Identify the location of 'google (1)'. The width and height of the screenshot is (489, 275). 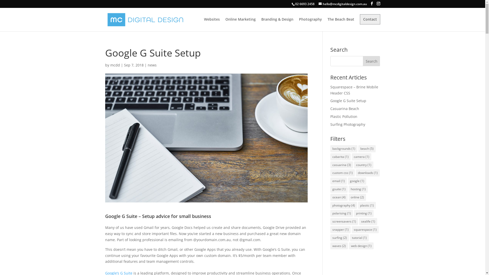
(357, 181).